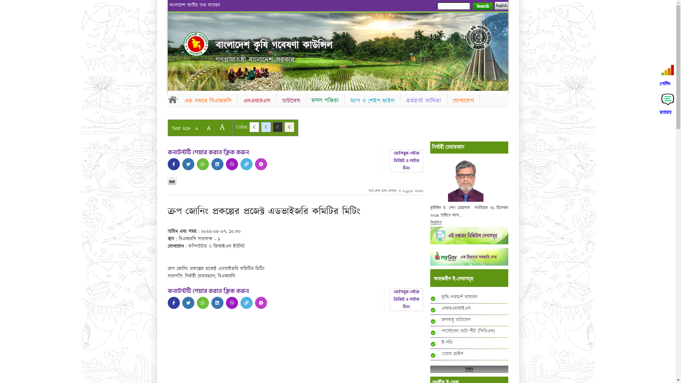 The image size is (681, 383). What do you see at coordinates (172, 99) in the screenshot?
I see `'Home'` at bounding box center [172, 99].